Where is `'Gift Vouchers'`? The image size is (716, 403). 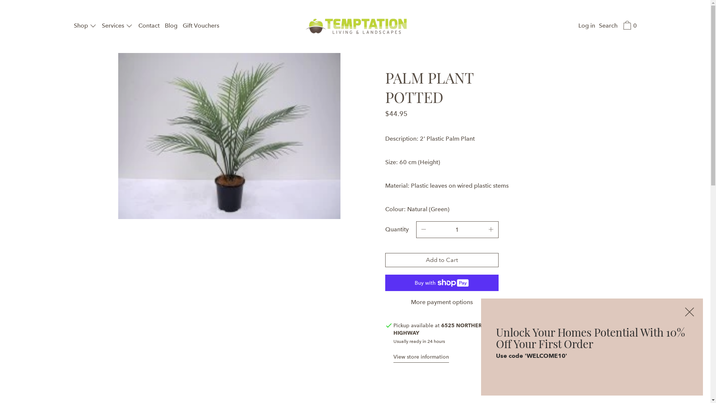
'Gift Vouchers' is located at coordinates (201, 26).